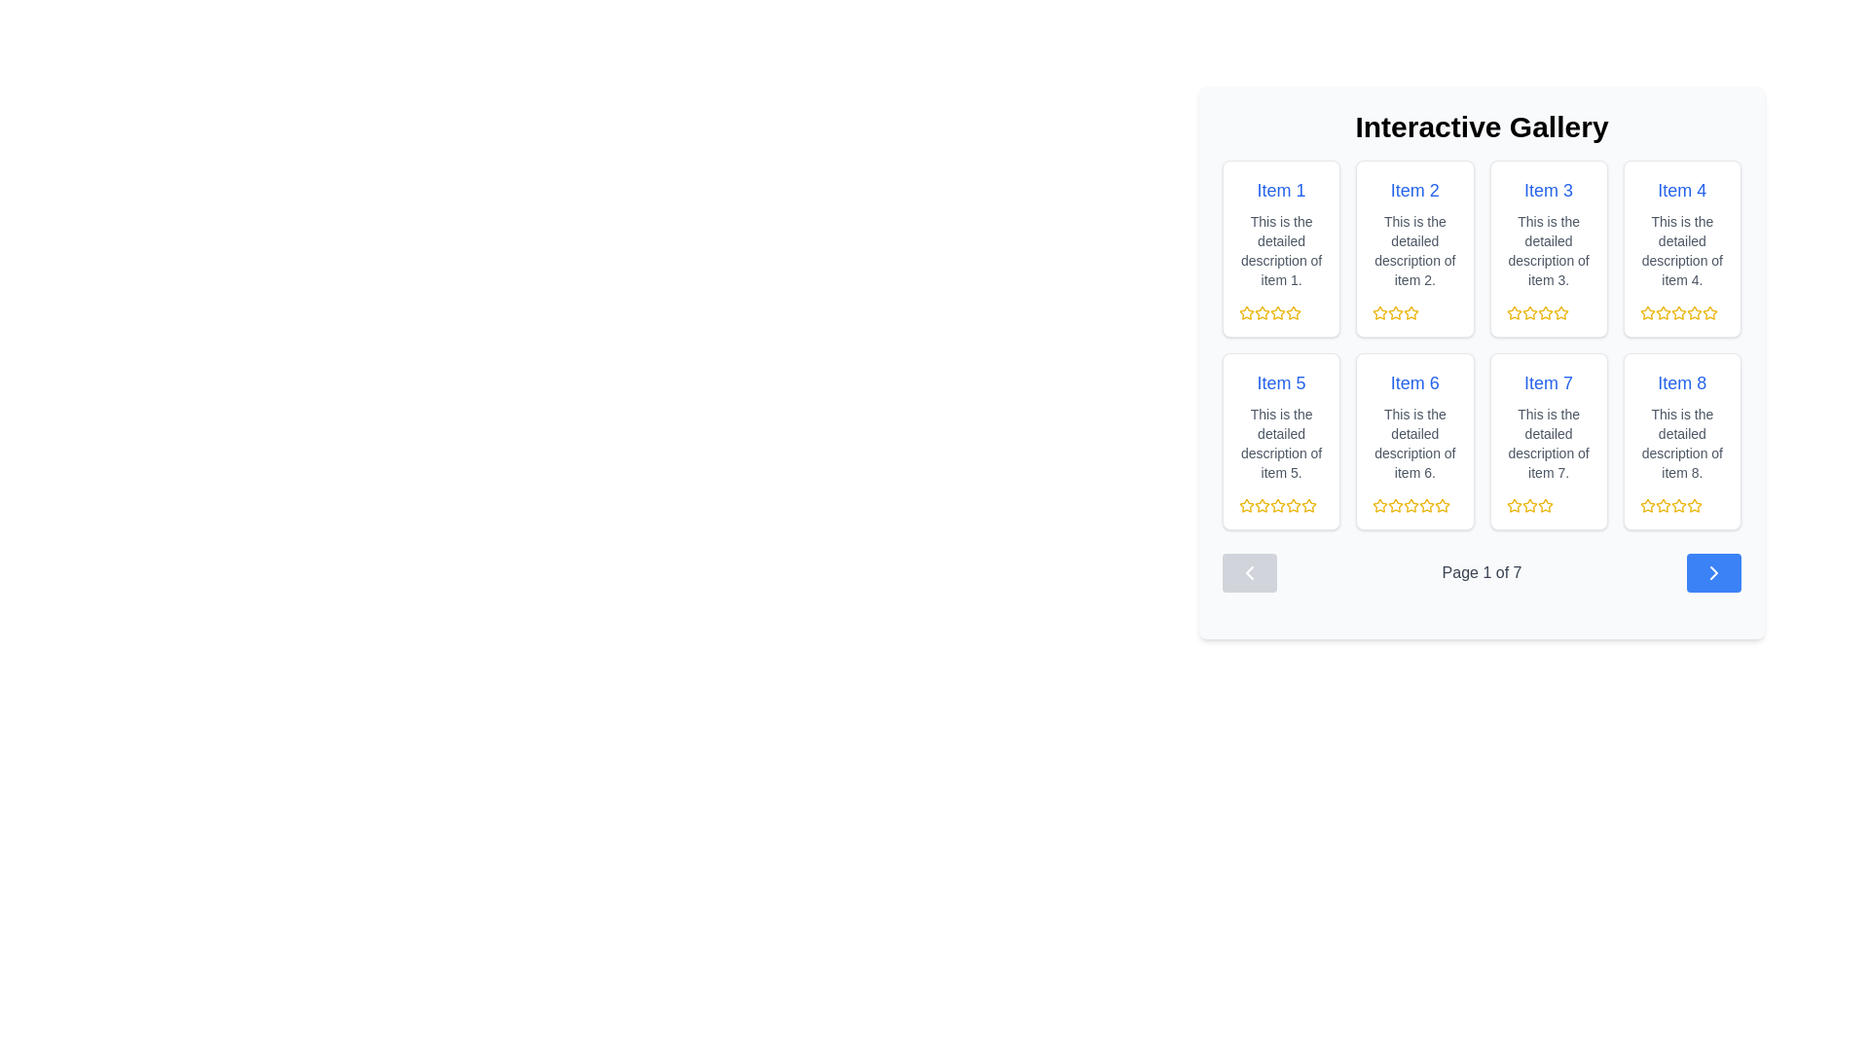 The image size is (1869, 1051). I want to click on the second star icon in the rating system of 'Item 4' in the Interactive Gallery, so click(1681, 311).